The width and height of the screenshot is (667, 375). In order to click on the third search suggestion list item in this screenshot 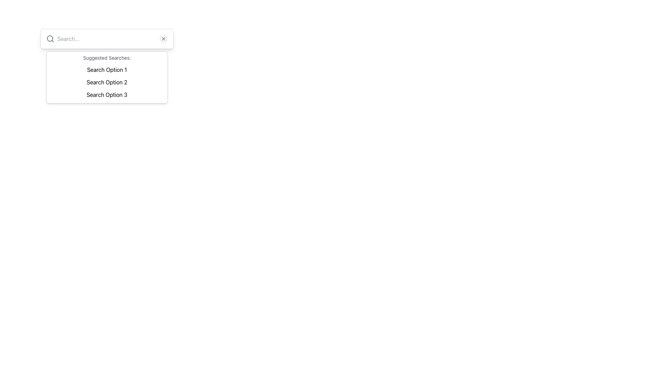, I will do `click(106, 95)`.